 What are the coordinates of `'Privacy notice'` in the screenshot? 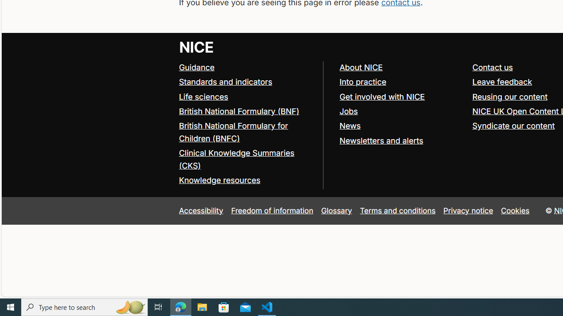 It's located at (468, 210).